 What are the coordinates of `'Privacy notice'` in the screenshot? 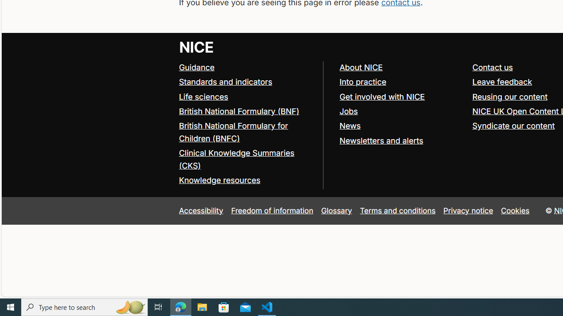 It's located at (468, 210).